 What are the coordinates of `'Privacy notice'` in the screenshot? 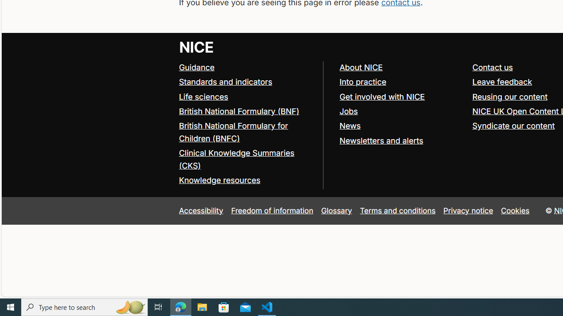 It's located at (468, 210).